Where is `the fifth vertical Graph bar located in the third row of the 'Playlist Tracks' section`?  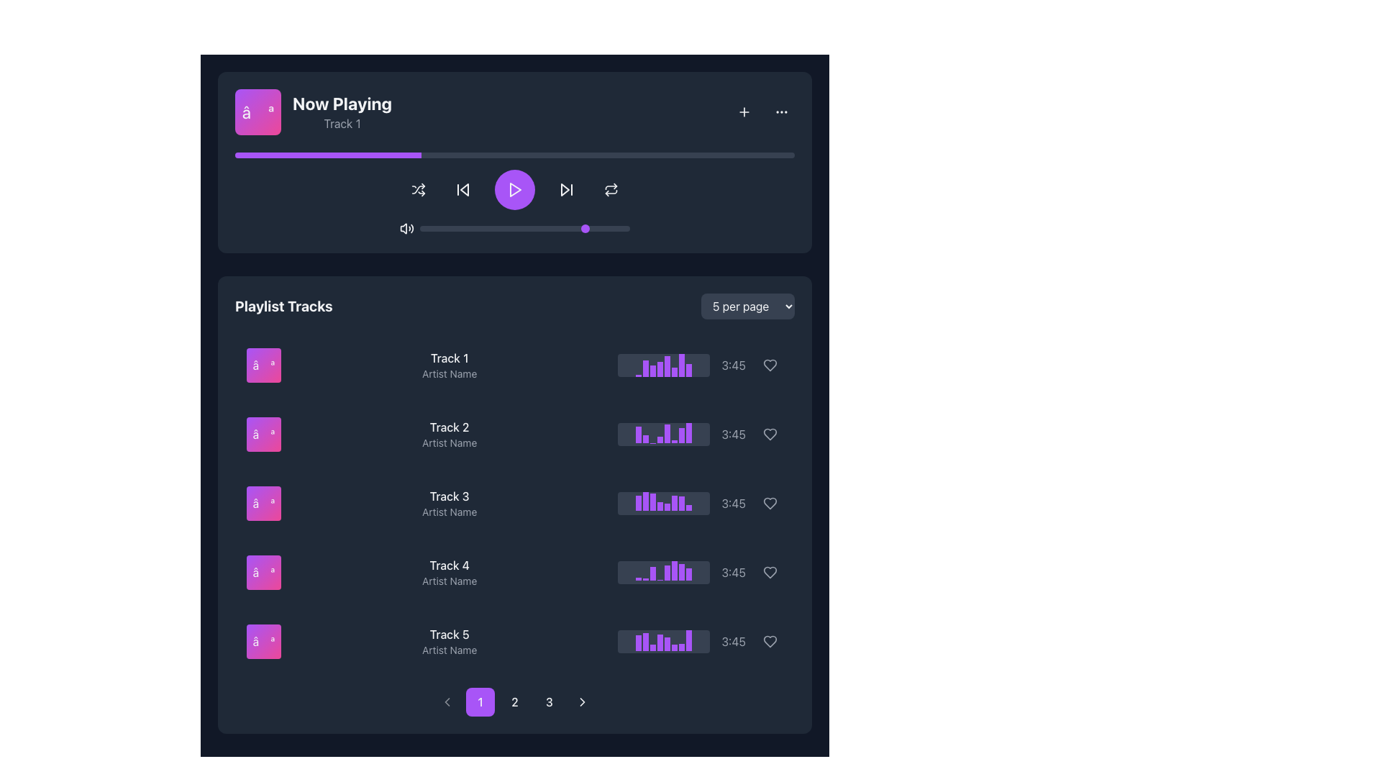
the fifth vertical Graph bar located in the third row of the 'Playlist Tracks' section is located at coordinates (667, 506).